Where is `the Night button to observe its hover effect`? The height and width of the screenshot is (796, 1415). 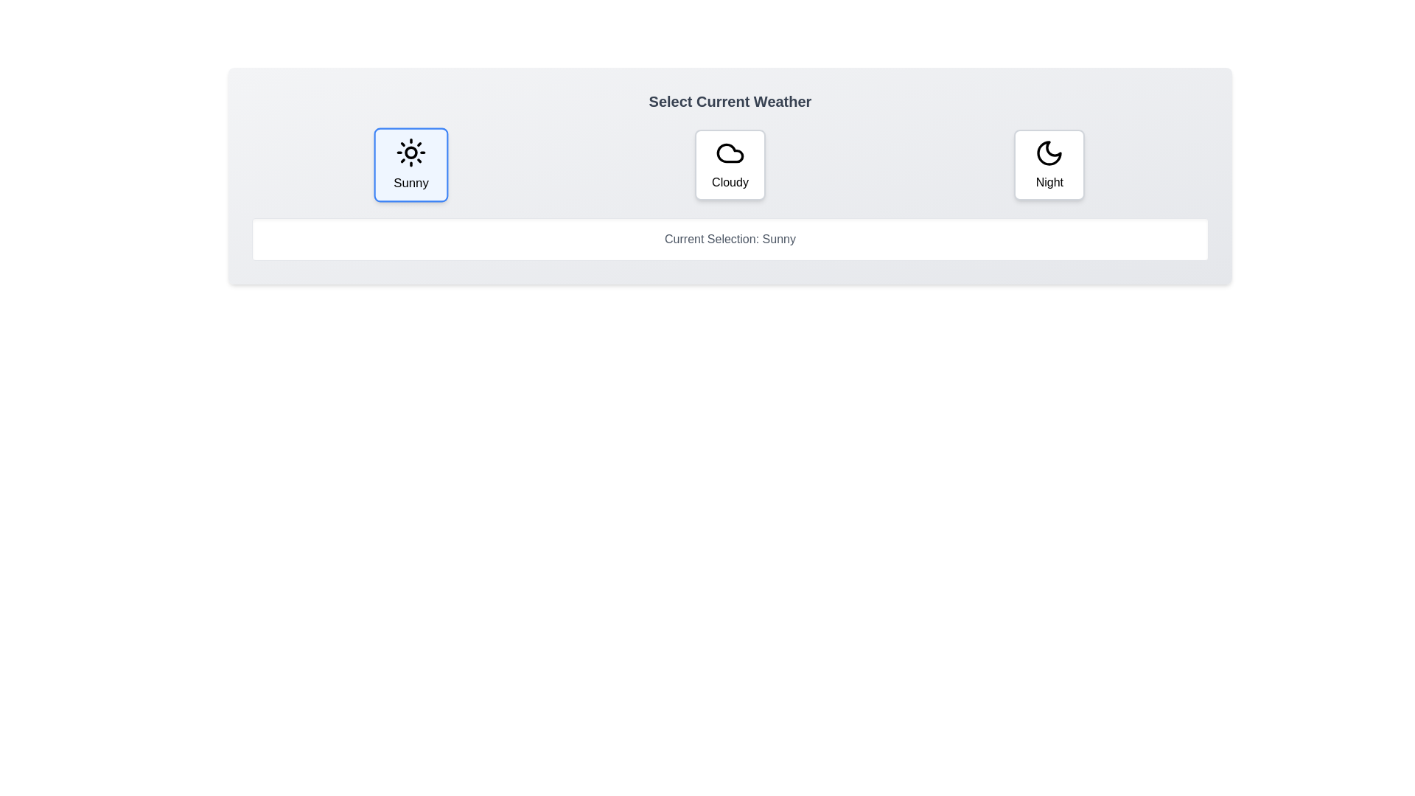
the Night button to observe its hover effect is located at coordinates (1047, 164).